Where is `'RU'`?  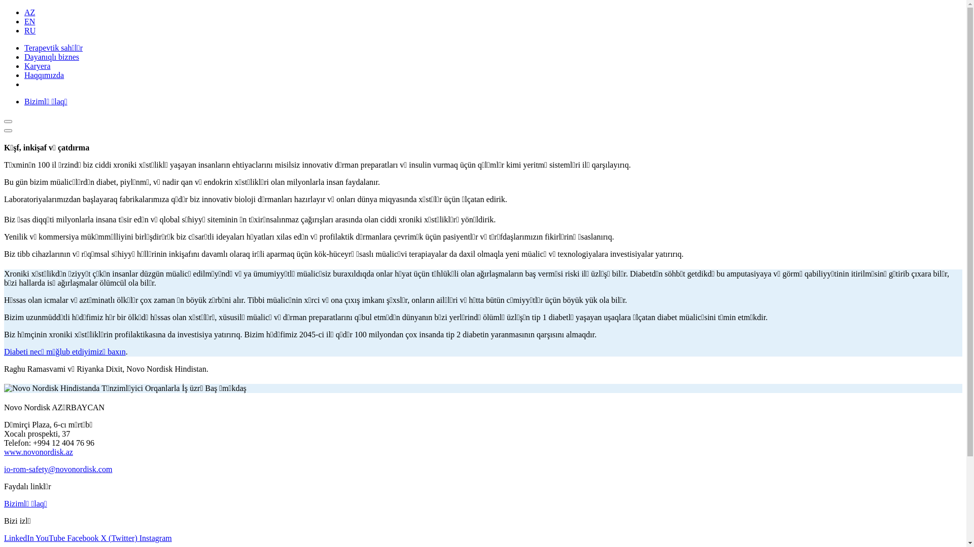 'RU' is located at coordinates (24, 30).